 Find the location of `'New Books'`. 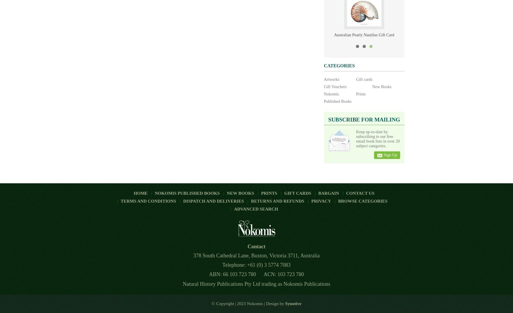

'New Books' is located at coordinates (226, 193).